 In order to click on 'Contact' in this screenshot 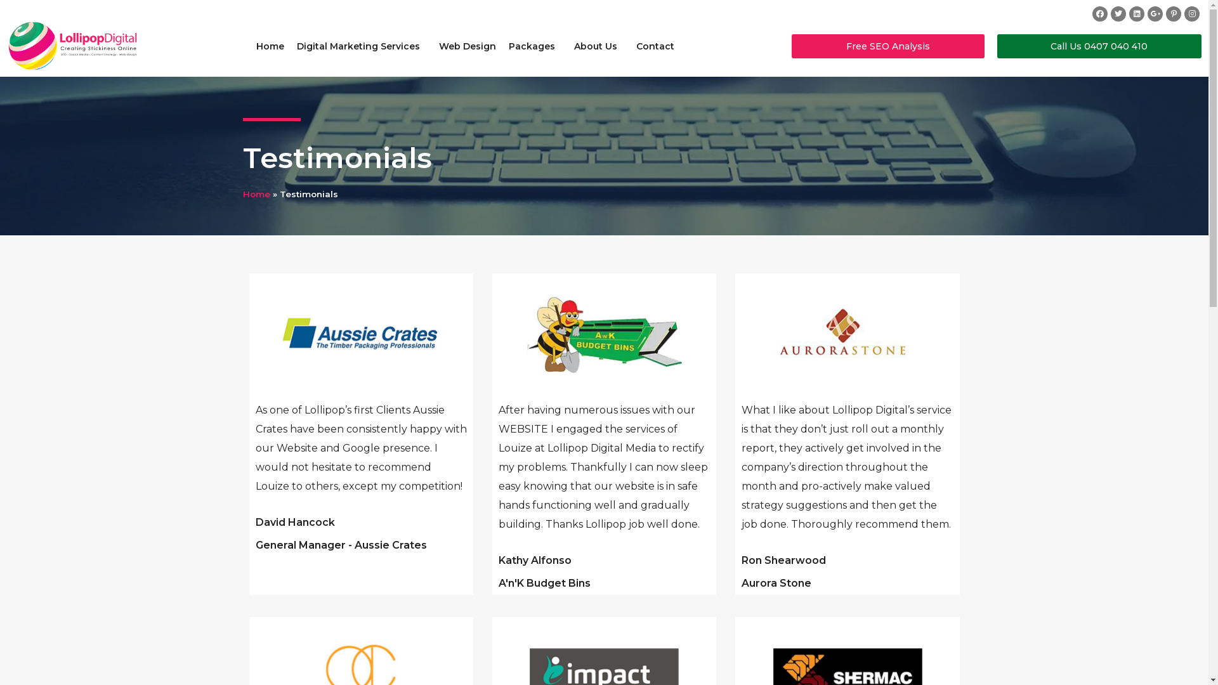, I will do `click(630, 46)`.